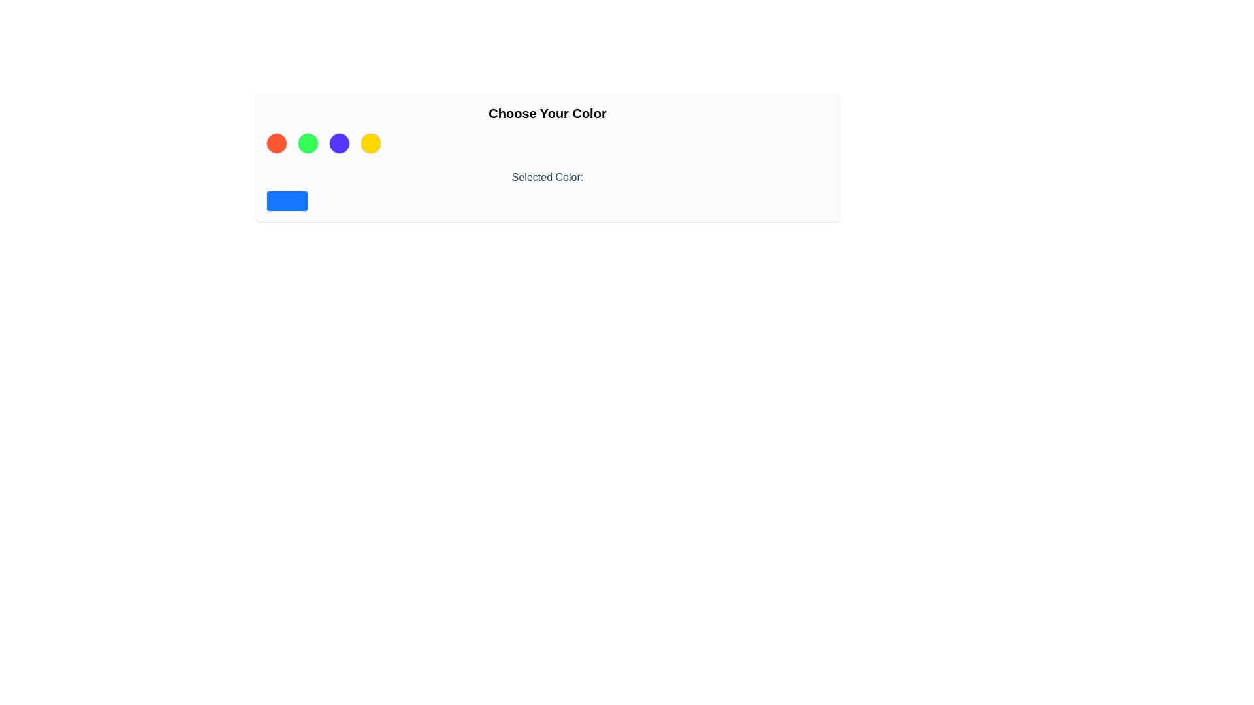 The height and width of the screenshot is (705, 1254). I want to click on the third circle in a horizontal row of four colored circles, so click(339, 143).